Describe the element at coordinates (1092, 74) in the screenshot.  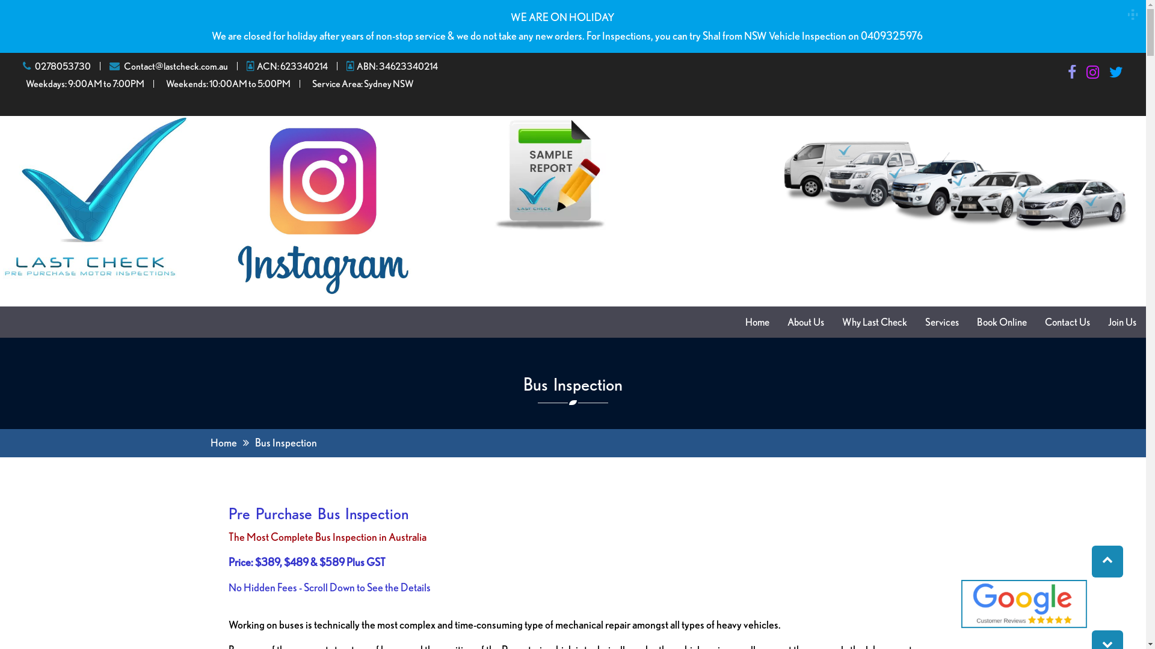
I see `'Instagram'` at that location.